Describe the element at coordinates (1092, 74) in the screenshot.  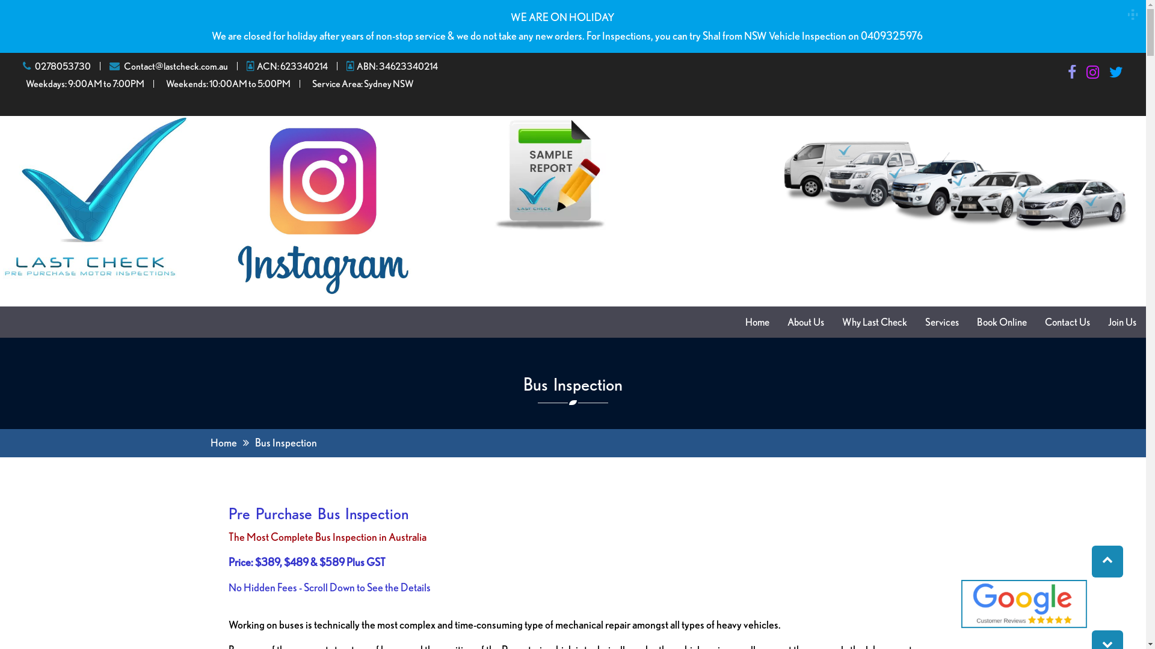
I see `'Instagram'` at that location.